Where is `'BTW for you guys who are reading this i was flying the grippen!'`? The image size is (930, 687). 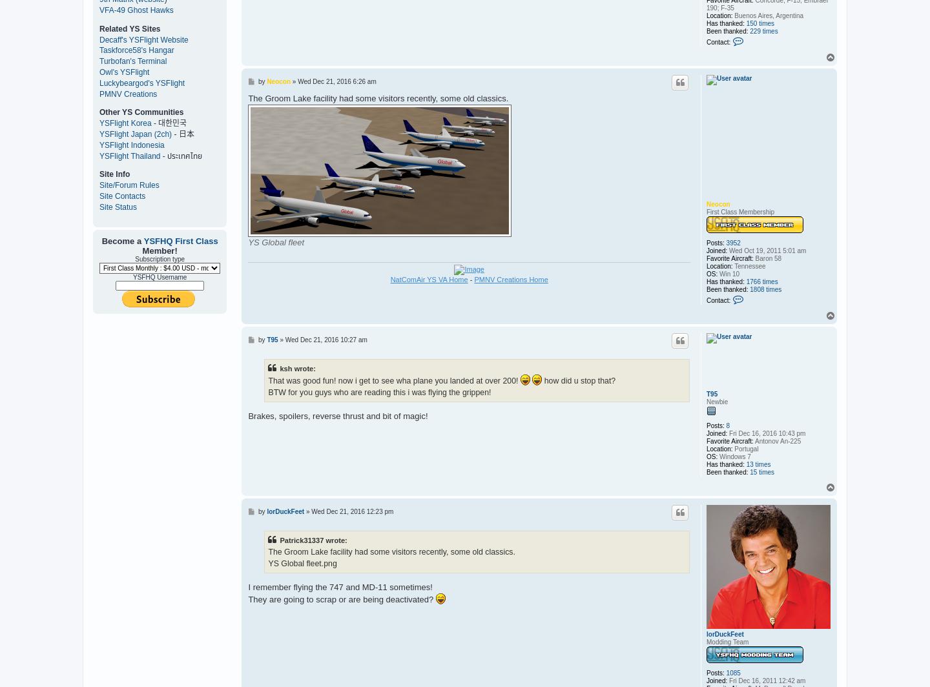
'BTW for you guys who are reading this i was flying the grippen!' is located at coordinates (379, 392).